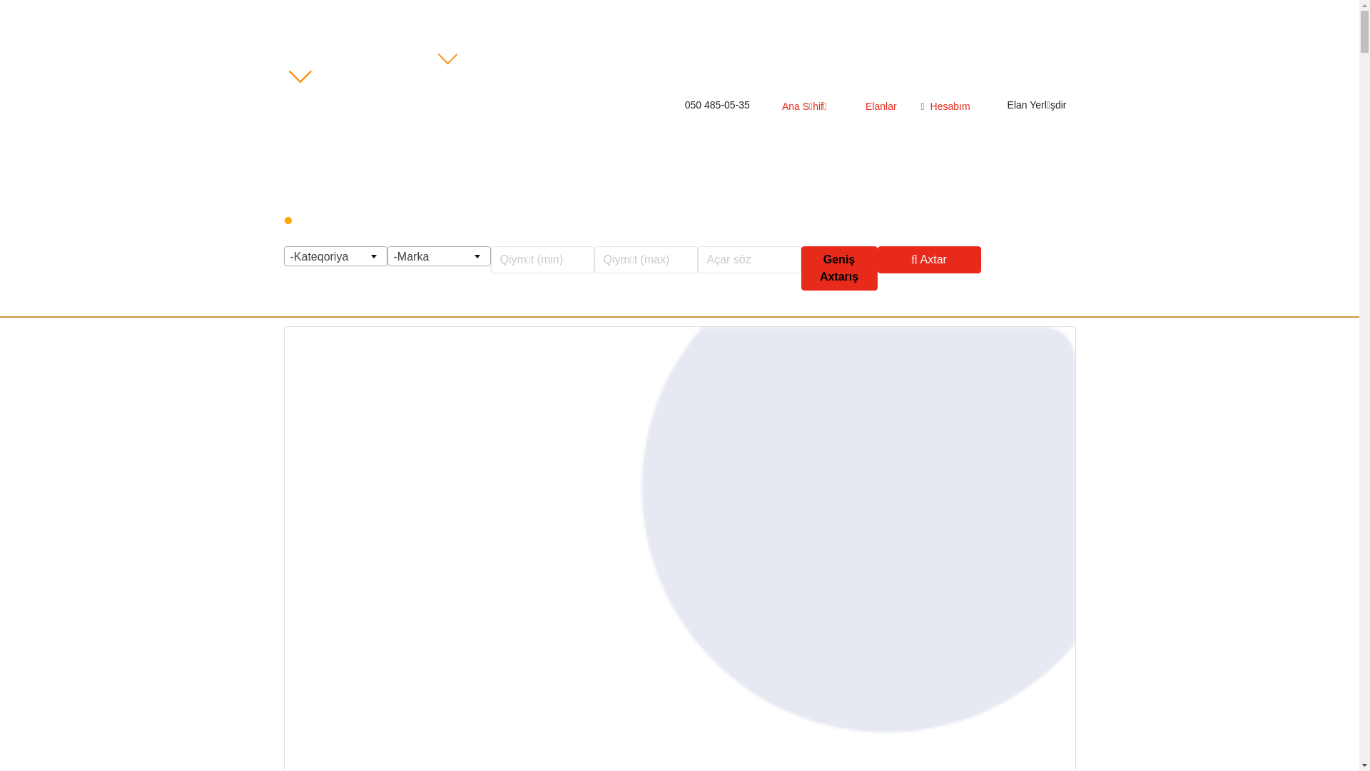  Describe the element at coordinates (671, 104) in the screenshot. I see `'050 485-05-35'` at that location.